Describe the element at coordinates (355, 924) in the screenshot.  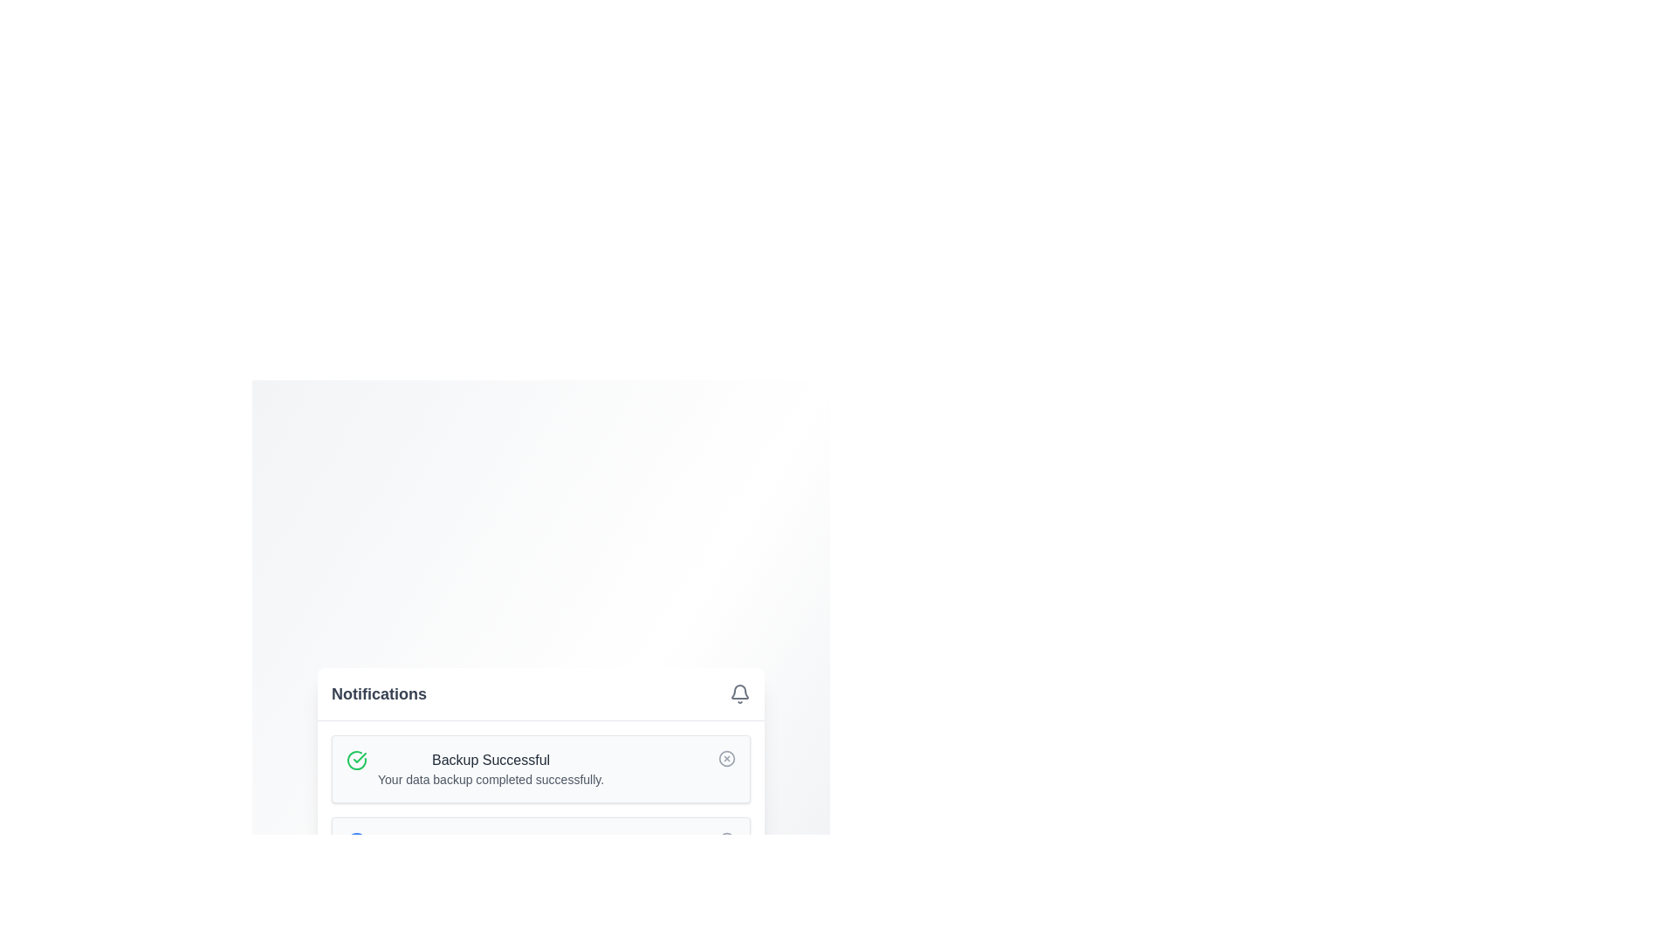
I see `the alert icon located in the bottom left section of the user interface, which serves as a visual indicator for alerts, warnings, or important messages requiring user attention` at that location.